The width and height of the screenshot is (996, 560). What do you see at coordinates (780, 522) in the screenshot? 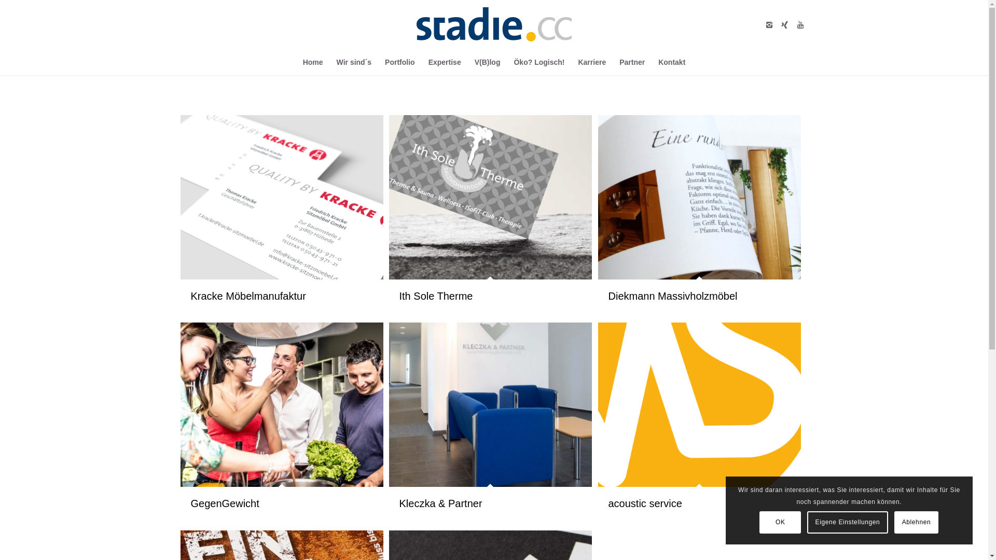
I see `'OK'` at bounding box center [780, 522].